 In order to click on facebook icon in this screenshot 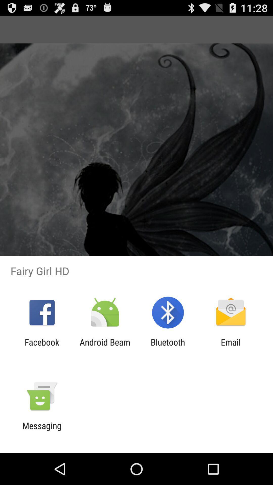, I will do `click(42, 347)`.